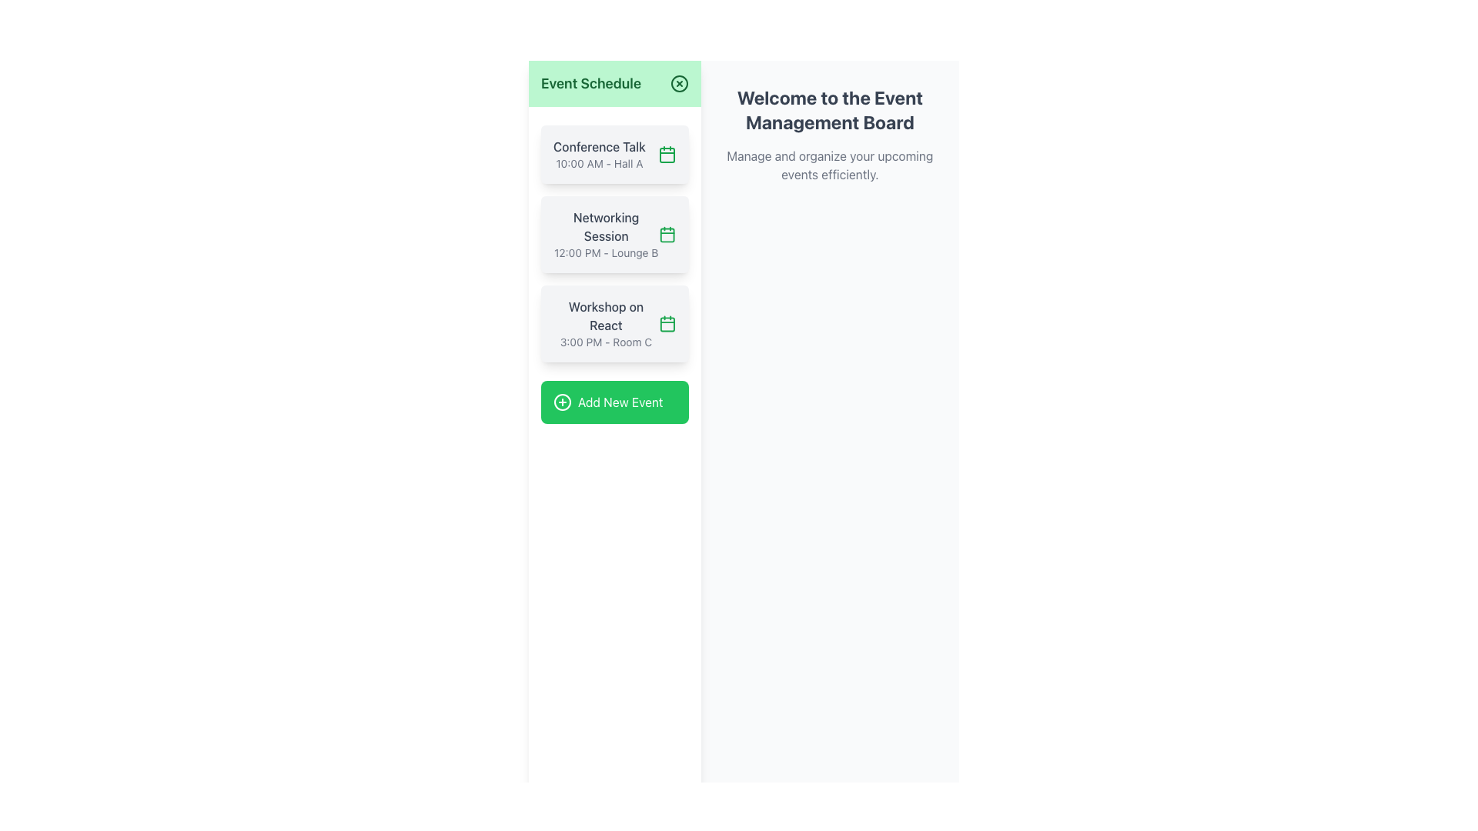 Image resolution: width=1478 pixels, height=831 pixels. Describe the element at coordinates (829, 165) in the screenshot. I see `text from the Text Label that is centrally aligned below the title 'Welcome to the Event Management Board'` at that location.